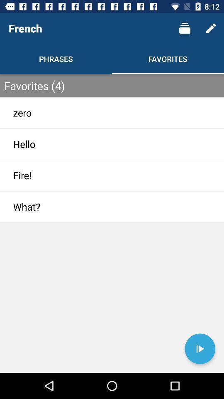  Describe the element at coordinates (211, 28) in the screenshot. I see `item above the favorites (4) icon` at that location.